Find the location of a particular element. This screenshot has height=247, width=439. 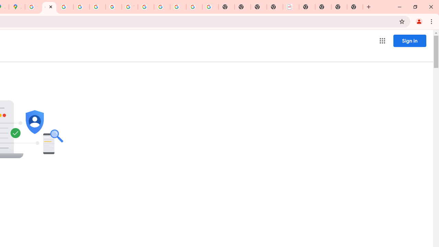

'New Tab' is located at coordinates (339, 7).